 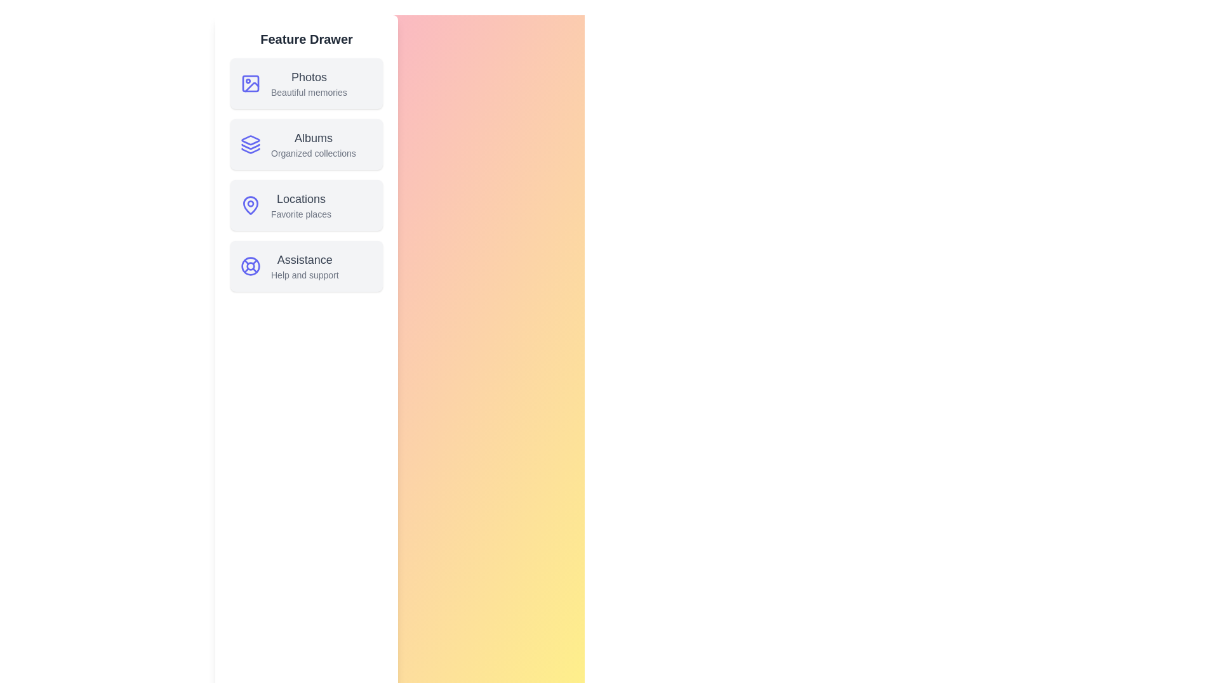 I want to click on the icon for Locations, so click(x=250, y=205).